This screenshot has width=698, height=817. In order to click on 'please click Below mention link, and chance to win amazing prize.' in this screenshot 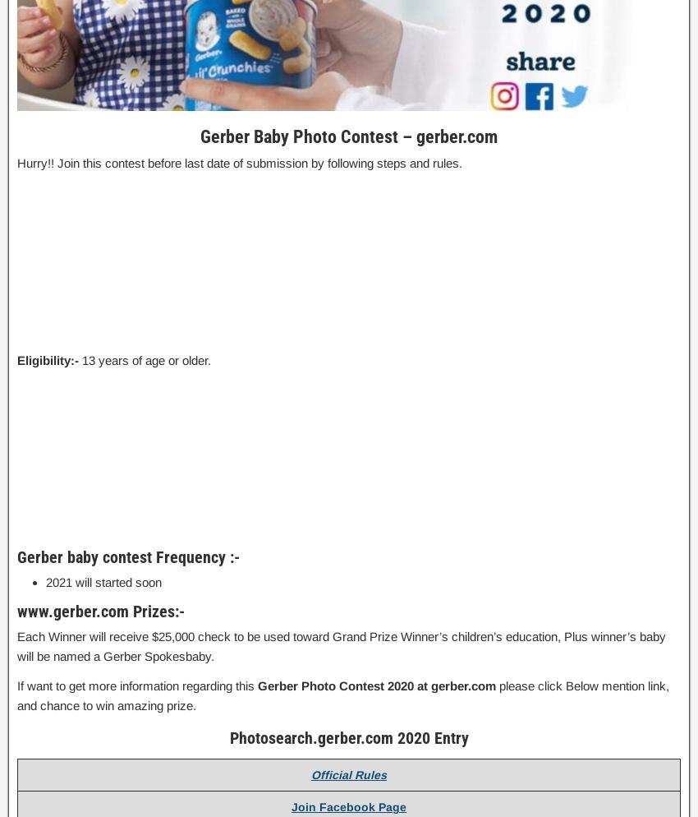, I will do `click(16, 694)`.